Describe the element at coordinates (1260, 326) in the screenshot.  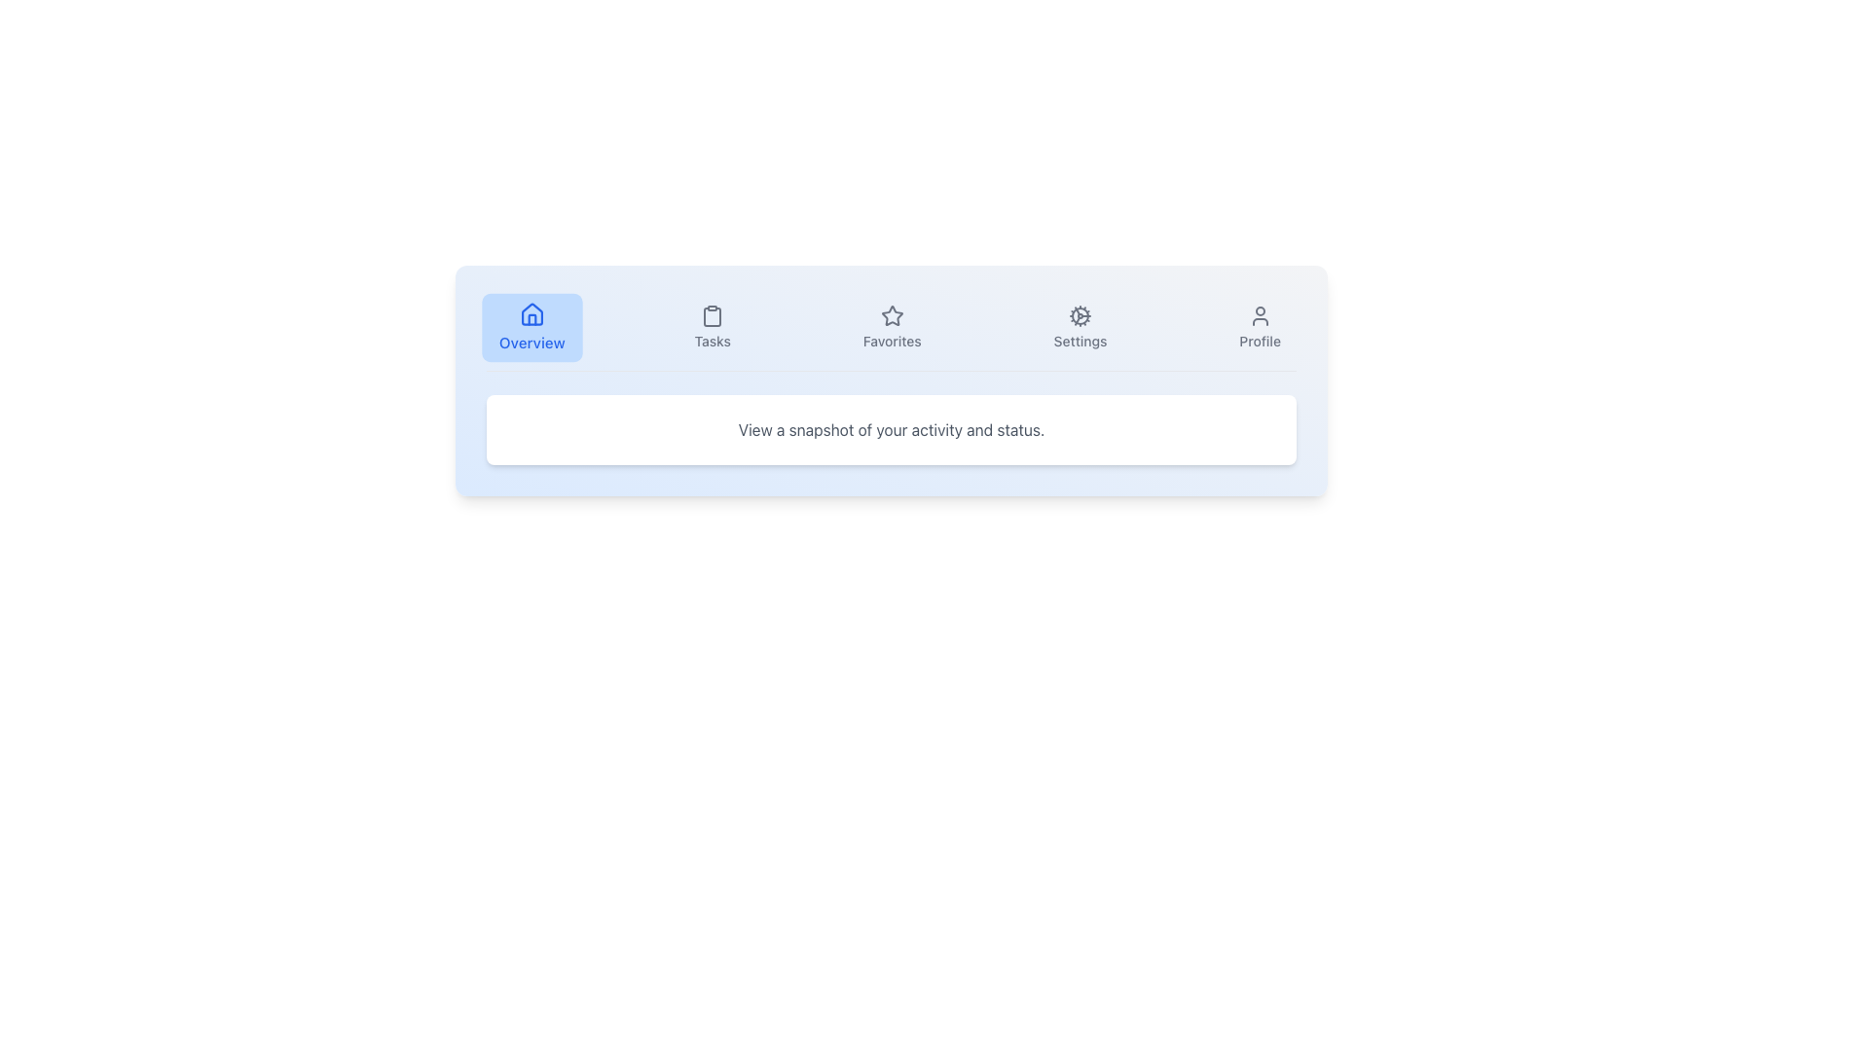
I see `the rightmost button in the horizontal navigation bar` at that location.